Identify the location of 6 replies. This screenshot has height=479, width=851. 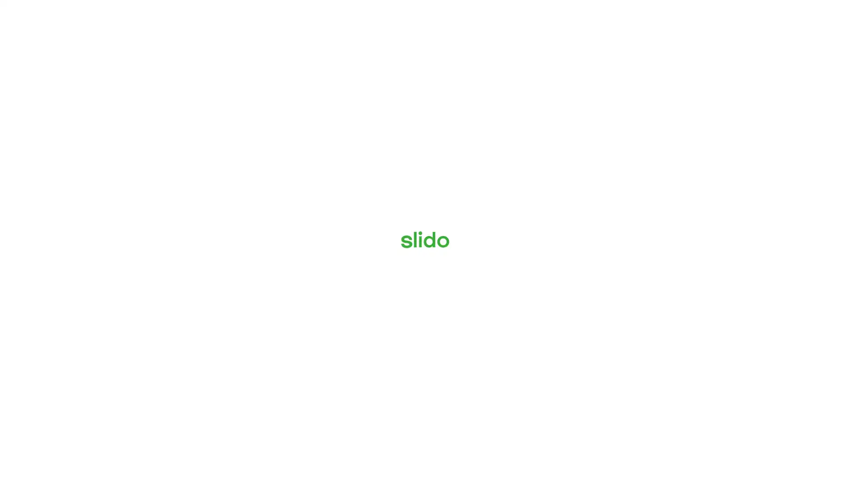
(660, 367).